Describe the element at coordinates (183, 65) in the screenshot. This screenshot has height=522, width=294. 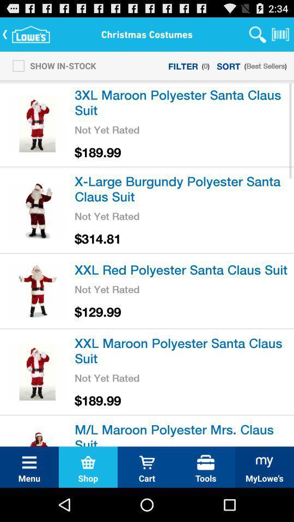
I see `icon next to show in-stock item` at that location.